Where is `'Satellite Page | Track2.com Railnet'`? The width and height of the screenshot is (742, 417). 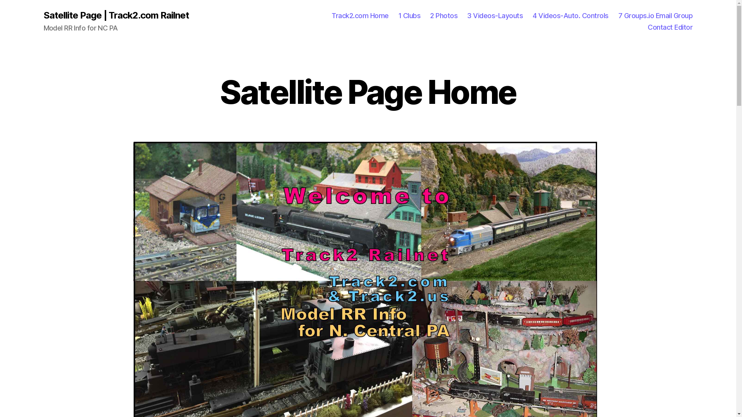
'Satellite Page | Track2.com Railnet' is located at coordinates (115, 15).